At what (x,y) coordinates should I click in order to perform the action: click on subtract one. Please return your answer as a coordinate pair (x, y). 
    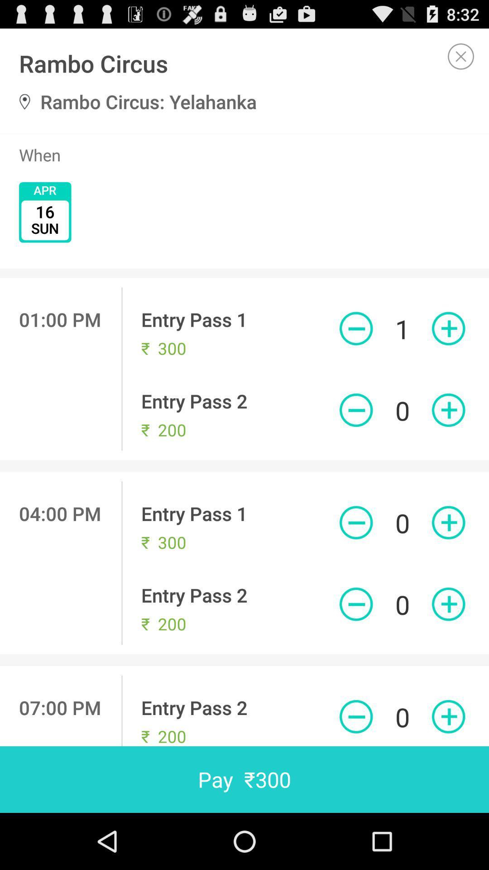
    Looking at the image, I should click on (355, 604).